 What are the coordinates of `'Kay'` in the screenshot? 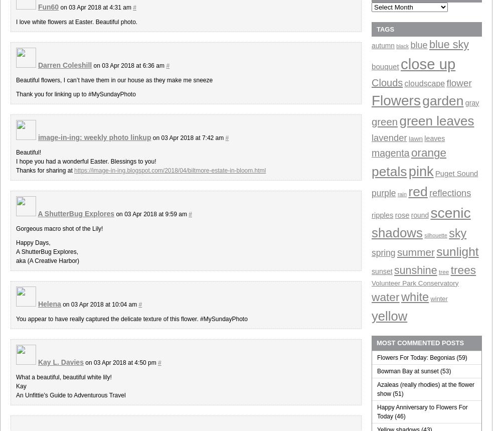 It's located at (21, 386).